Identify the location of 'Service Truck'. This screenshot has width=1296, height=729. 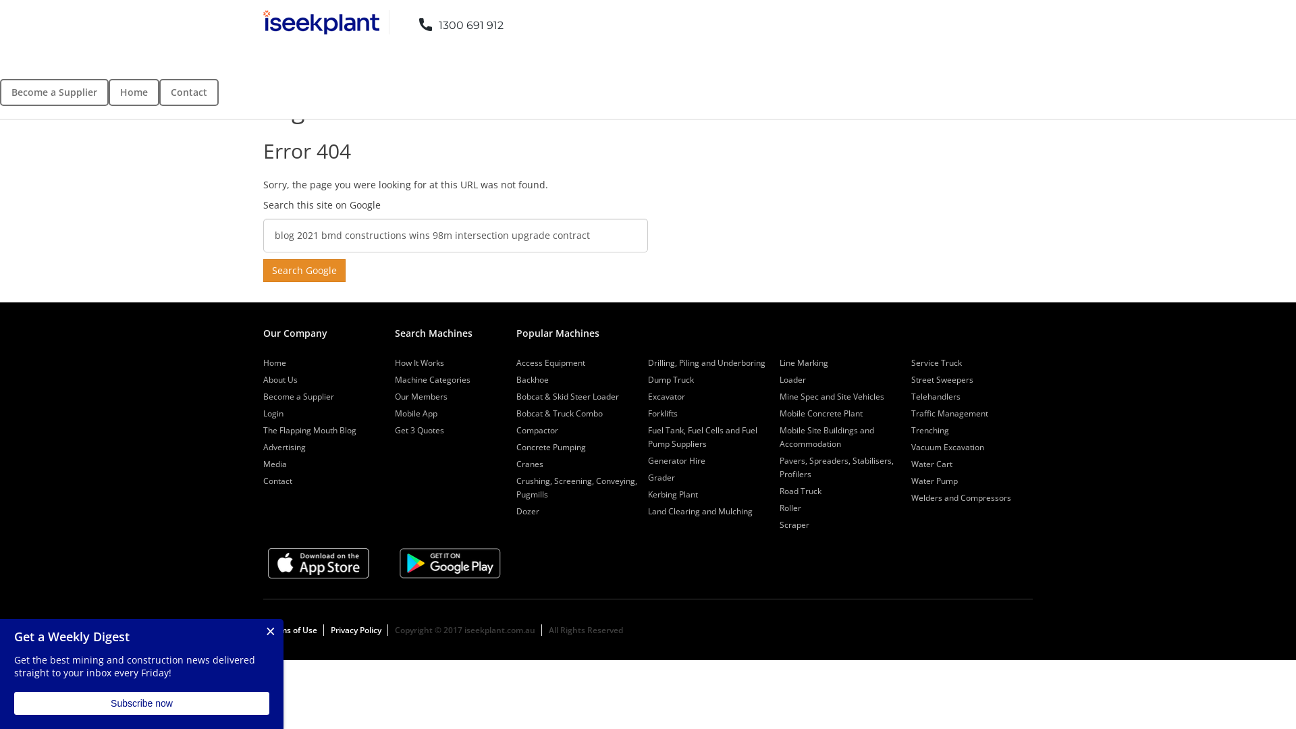
(936, 362).